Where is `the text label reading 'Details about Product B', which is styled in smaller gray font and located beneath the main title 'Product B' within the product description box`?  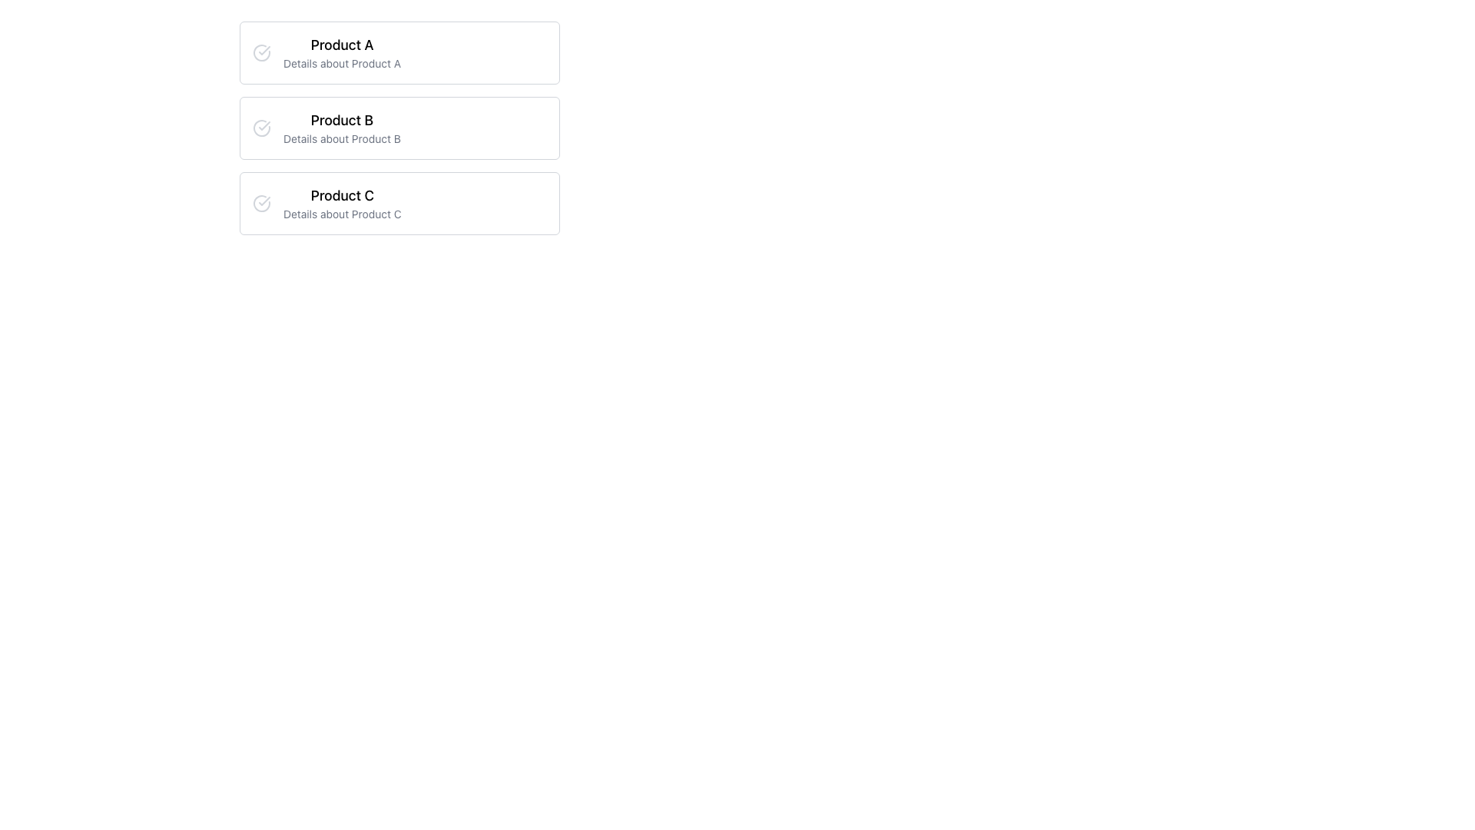
the text label reading 'Details about Product B', which is styled in smaller gray font and located beneath the main title 'Product B' within the product description box is located at coordinates (341, 139).